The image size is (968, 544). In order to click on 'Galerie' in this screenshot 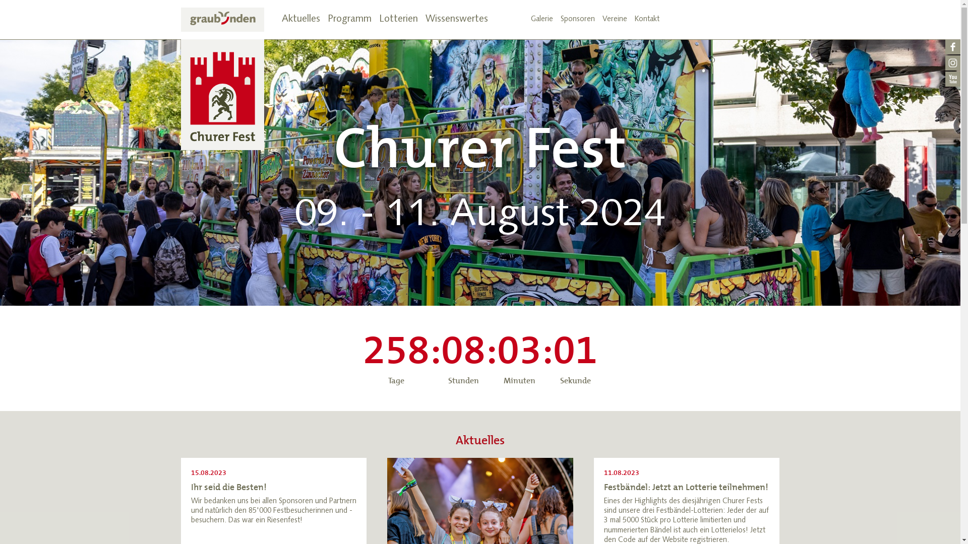, I will do `click(541, 19)`.